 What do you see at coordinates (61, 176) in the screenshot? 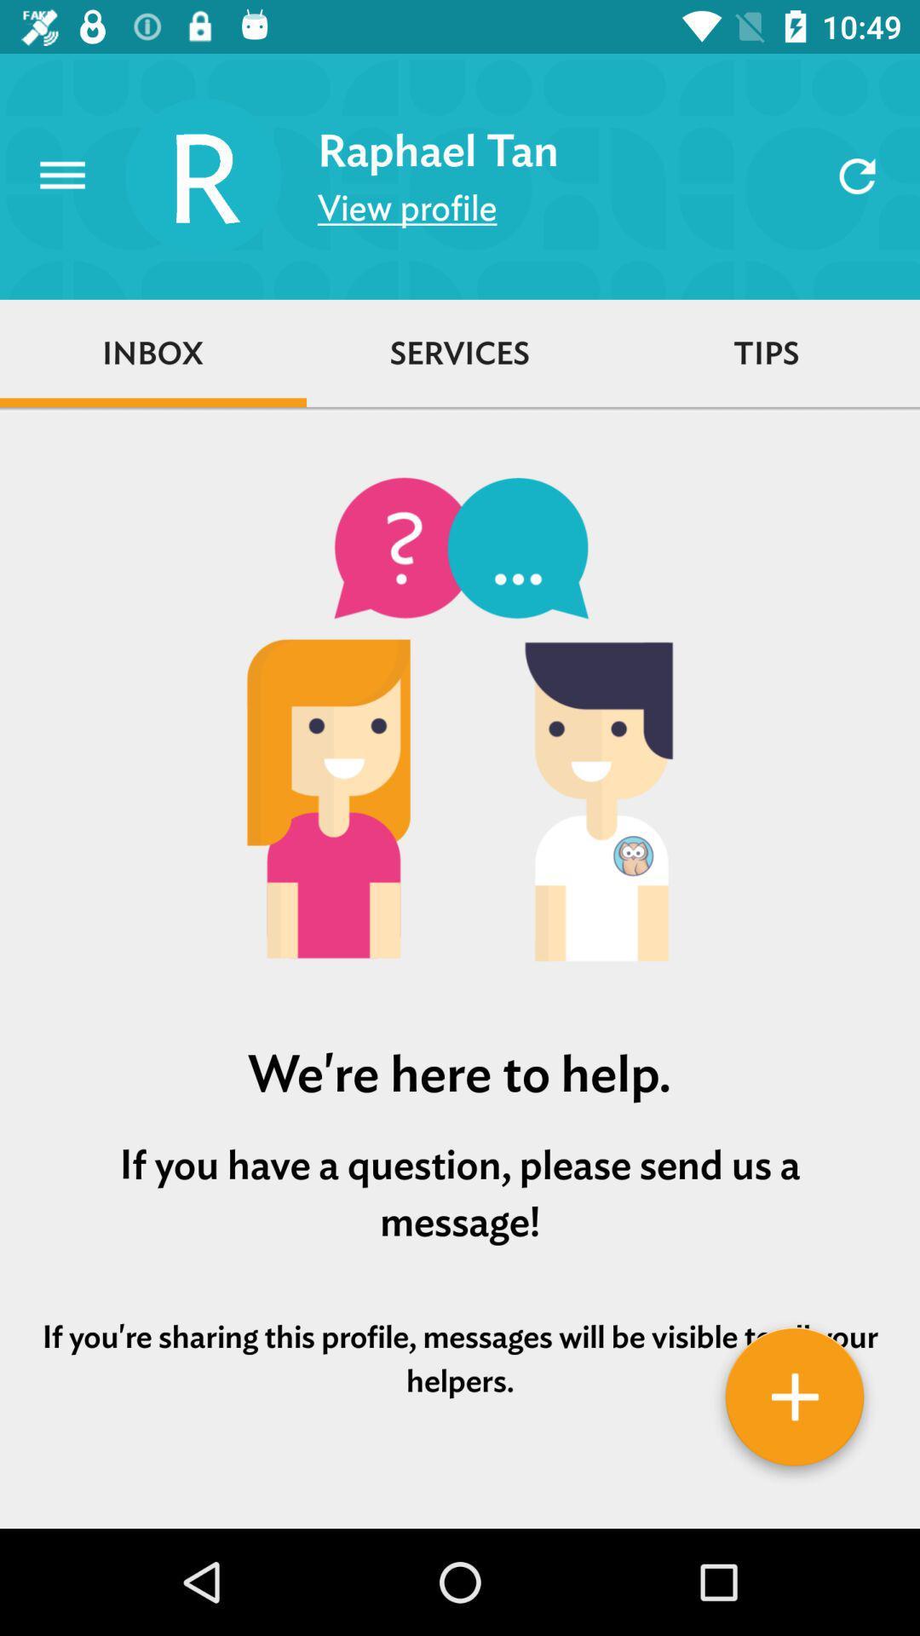
I see `the menu icon` at bounding box center [61, 176].